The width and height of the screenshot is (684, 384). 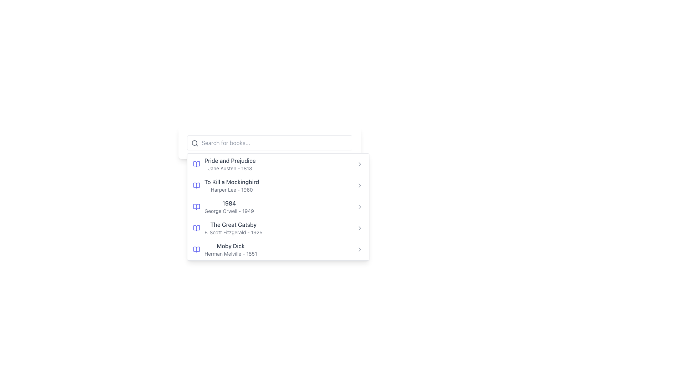 I want to click on the chevron icon located at the far right of the fourth row for the book 'The Great Gatsby' by F. Scott Fitzgerald, so click(x=359, y=228).